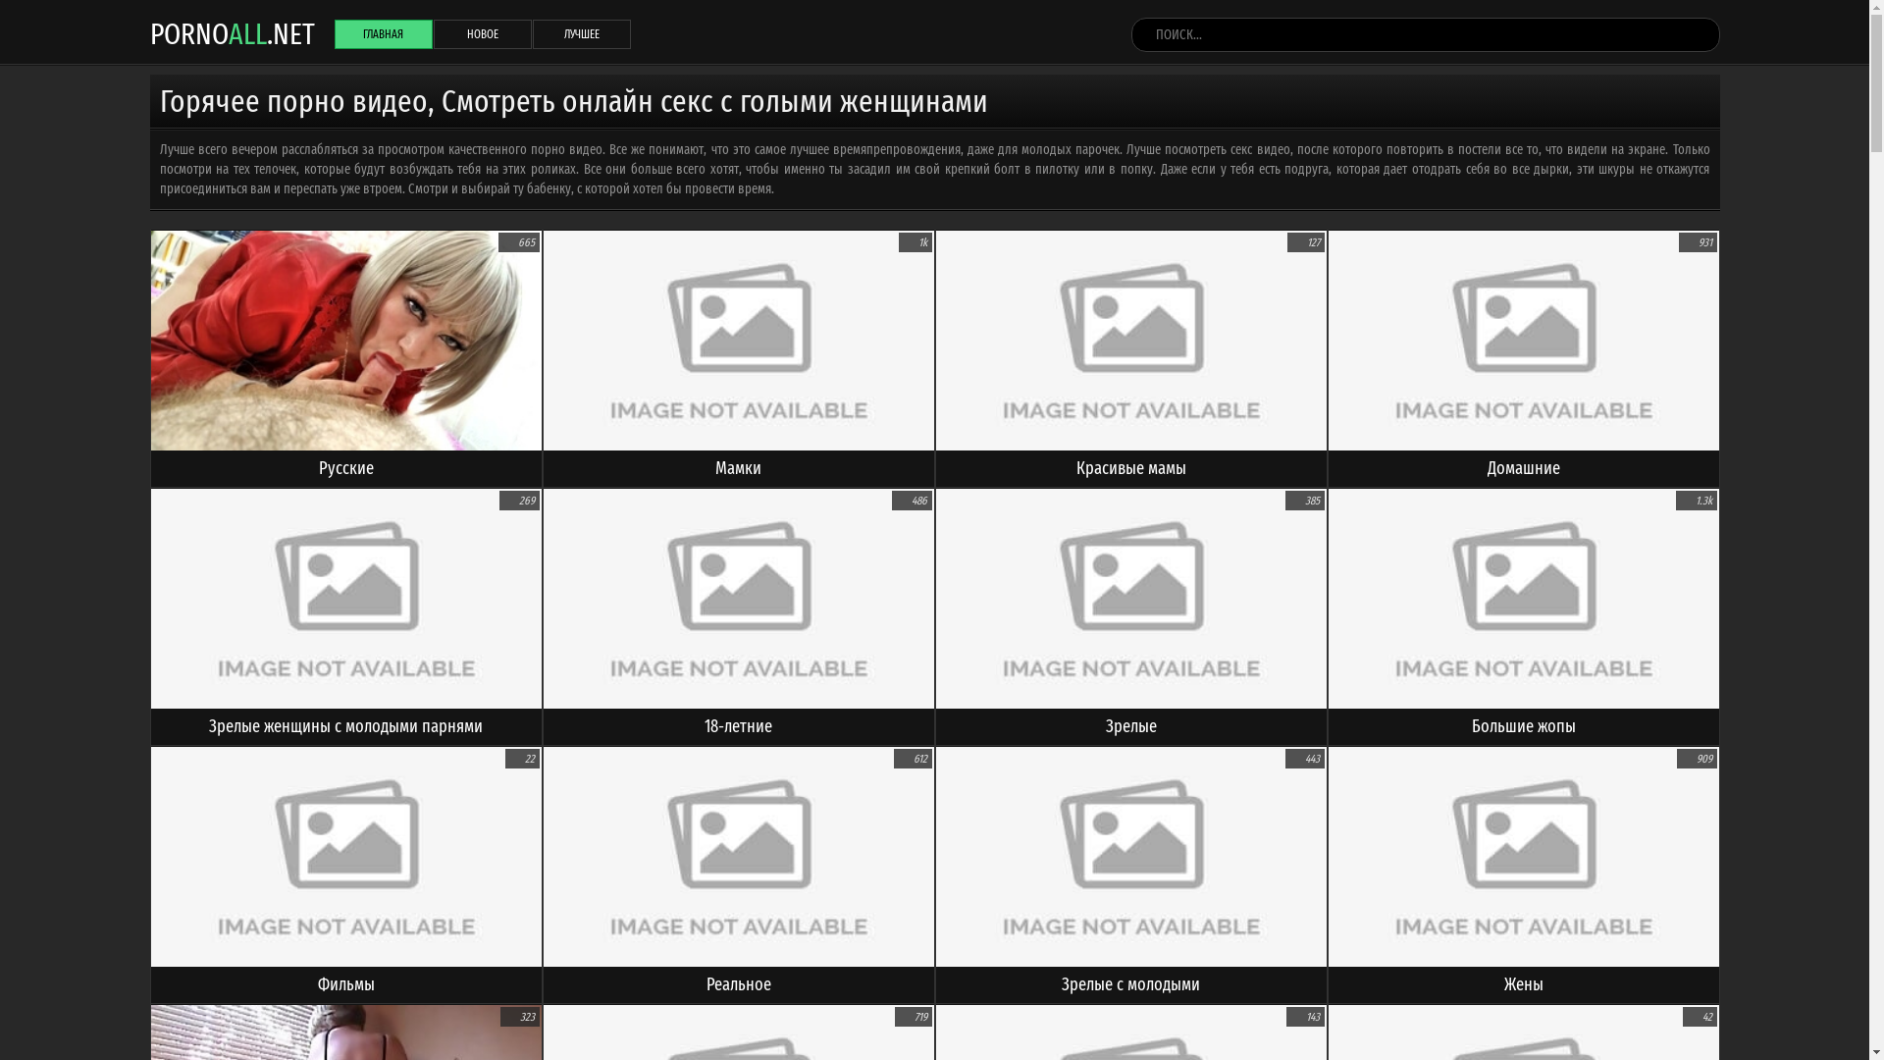 Image resolution: width=1884 pixels, height=1060 pixels. Describe the element at coordinates (148, 33) in the screenshot. I see `'PORNOALL.NET'` at that location.